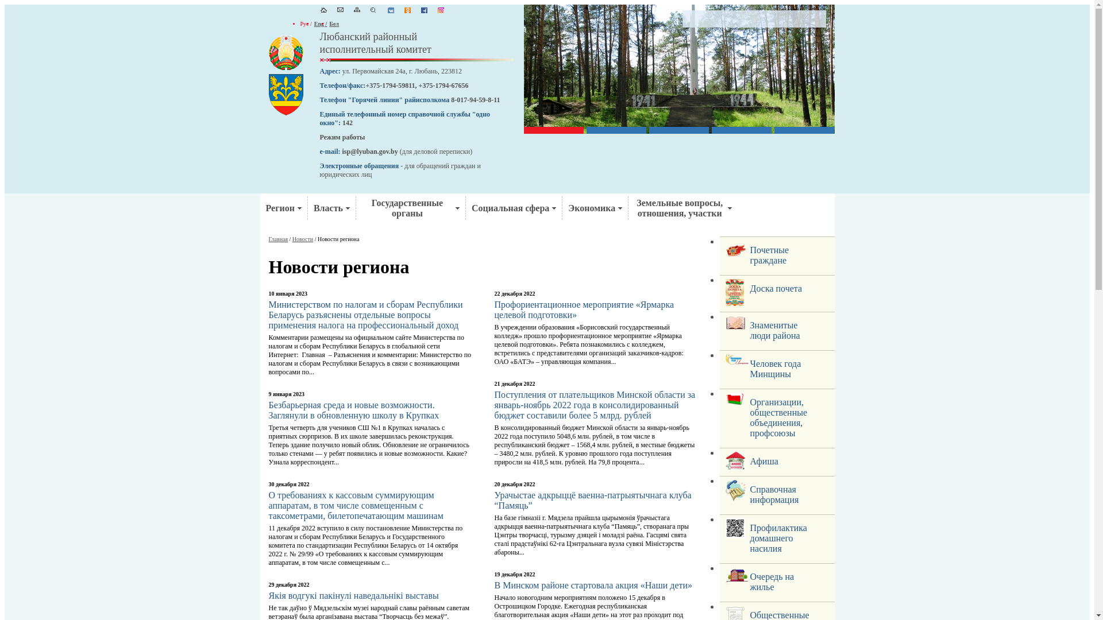  What do you see at coordinates (341, 150) in the screenshot?
I see `'isp@lyuban.gov.by'` at bounding box center [341, 150].